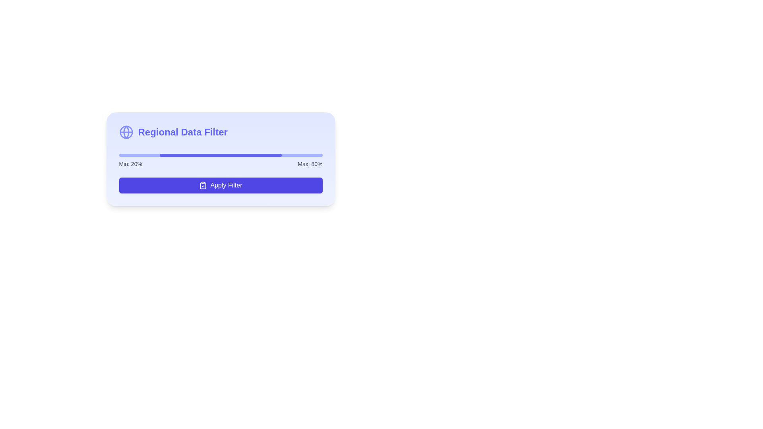  Describe the element at coordinates (126, 131) in the screenshot. I see `the globe icon that is located to the left of the 'Regional Data Filter' text in the header section for data filtering` at that location.